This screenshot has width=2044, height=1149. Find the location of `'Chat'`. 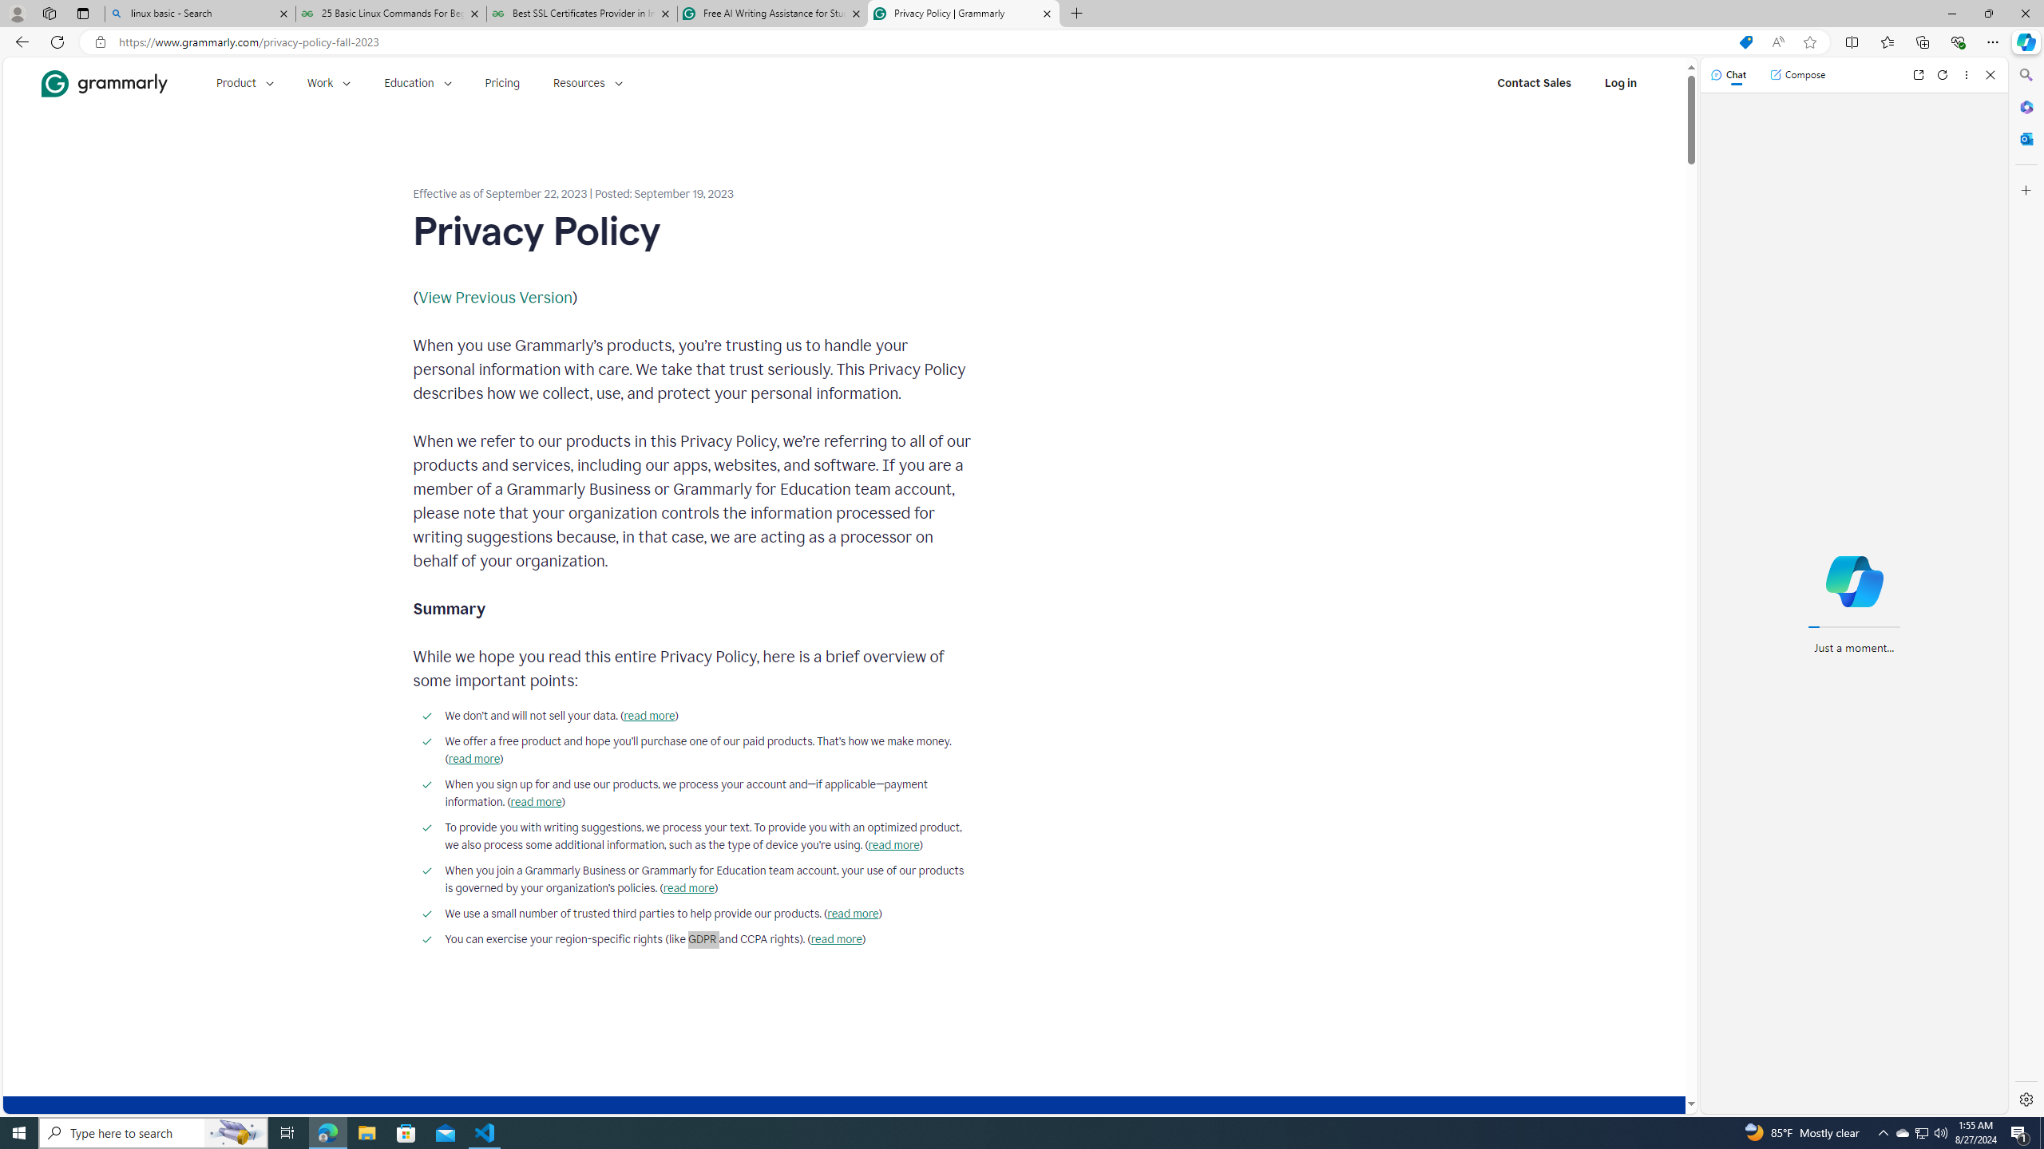

'Chat' is located at coordinates (1728, 73).